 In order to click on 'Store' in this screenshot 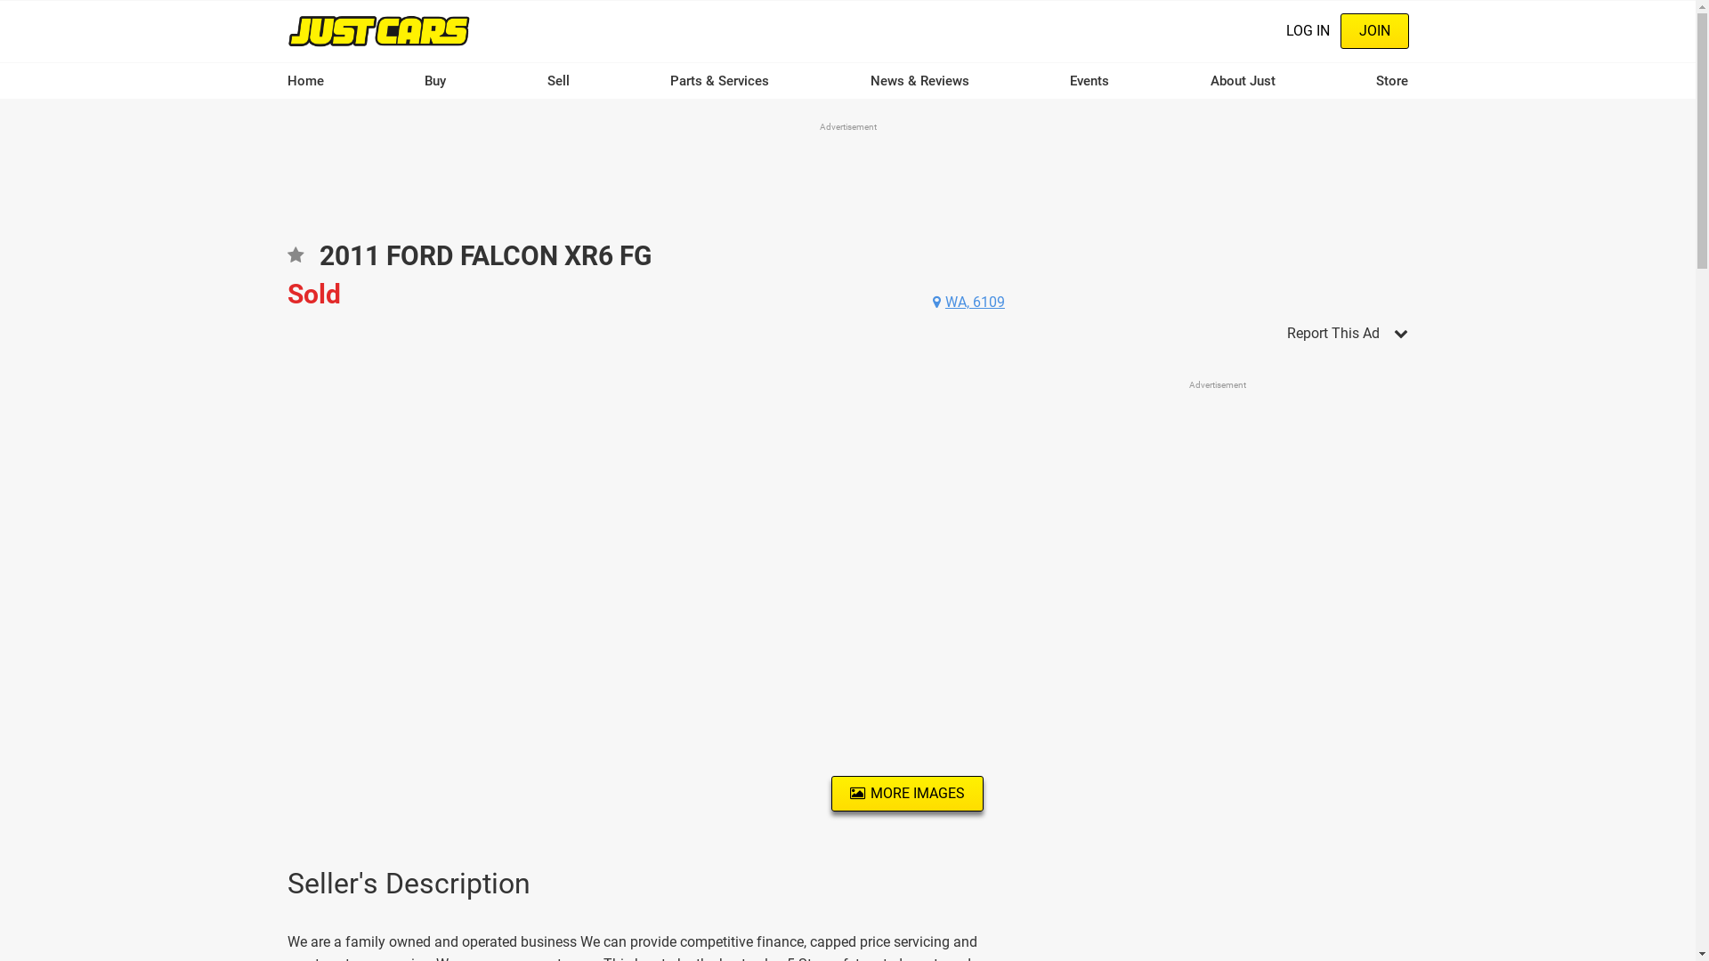, I will do `click(1391, 81)`.